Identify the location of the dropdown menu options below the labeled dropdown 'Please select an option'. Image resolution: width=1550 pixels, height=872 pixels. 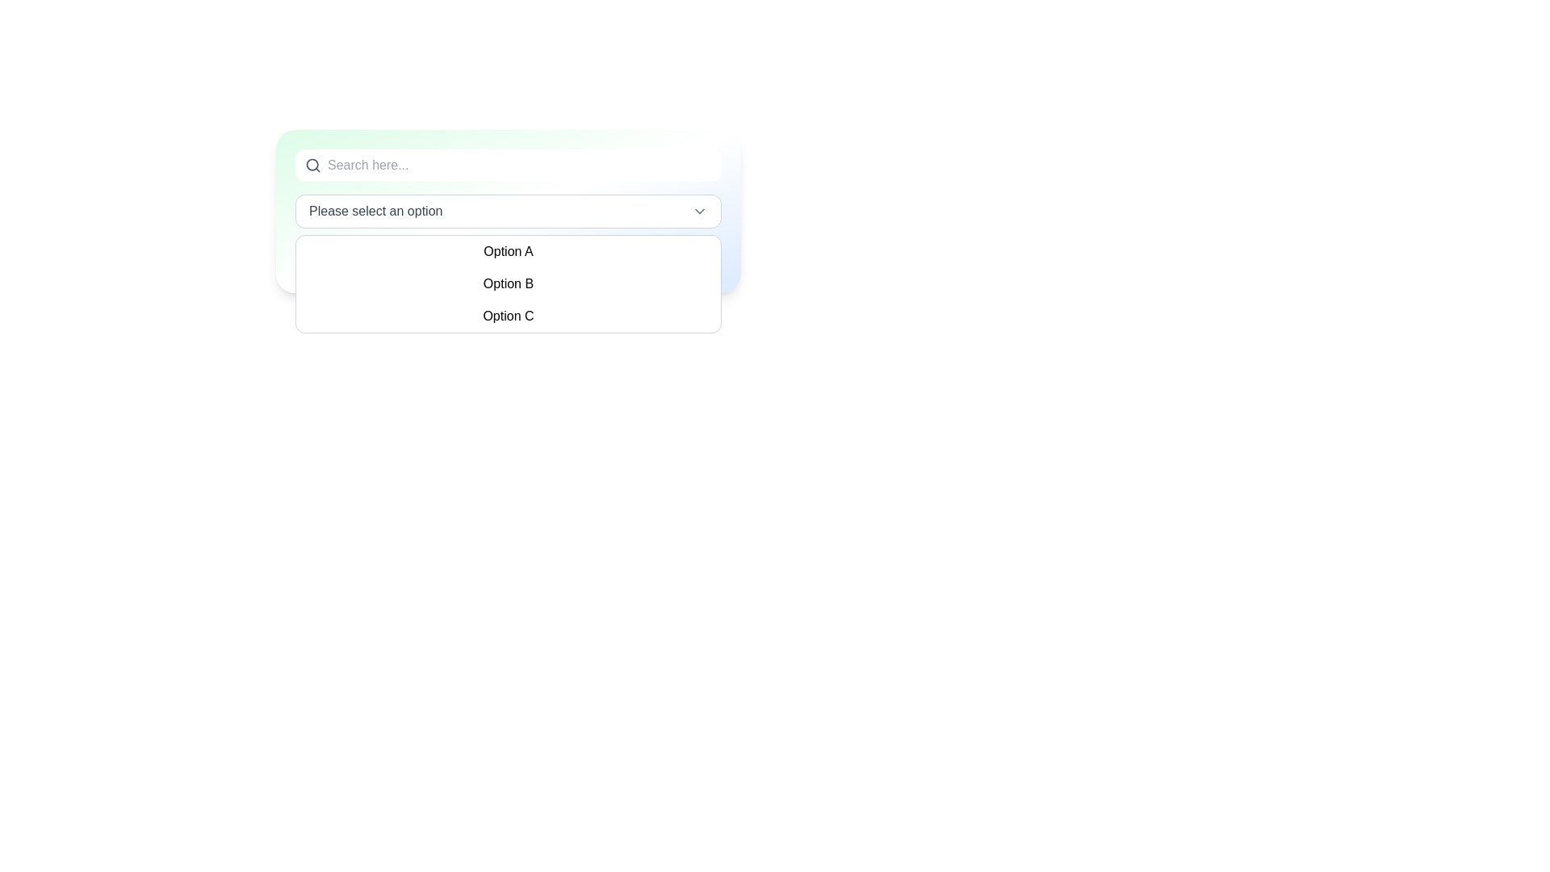
(507, 283).